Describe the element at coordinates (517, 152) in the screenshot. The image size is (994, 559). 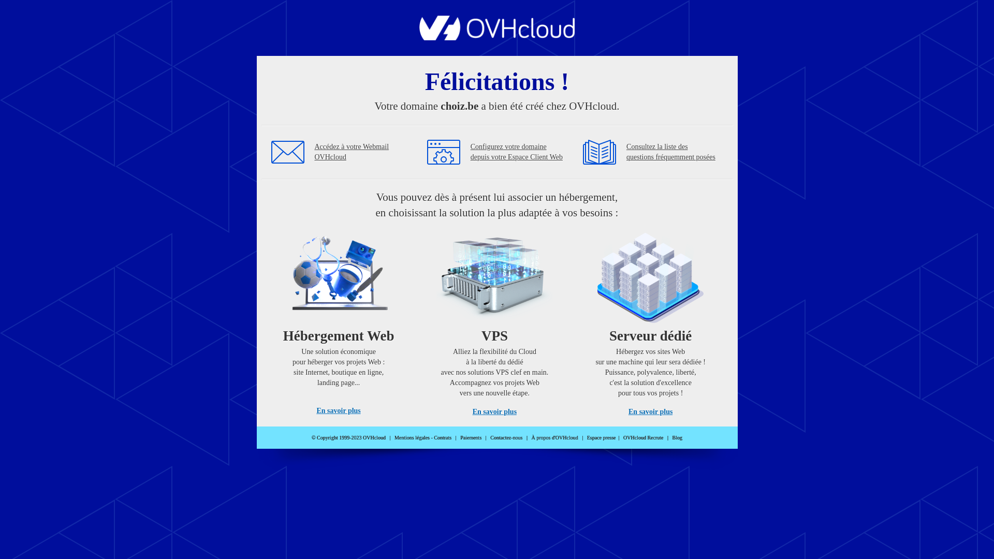
I see `'Configurez votre domaine` at that location.